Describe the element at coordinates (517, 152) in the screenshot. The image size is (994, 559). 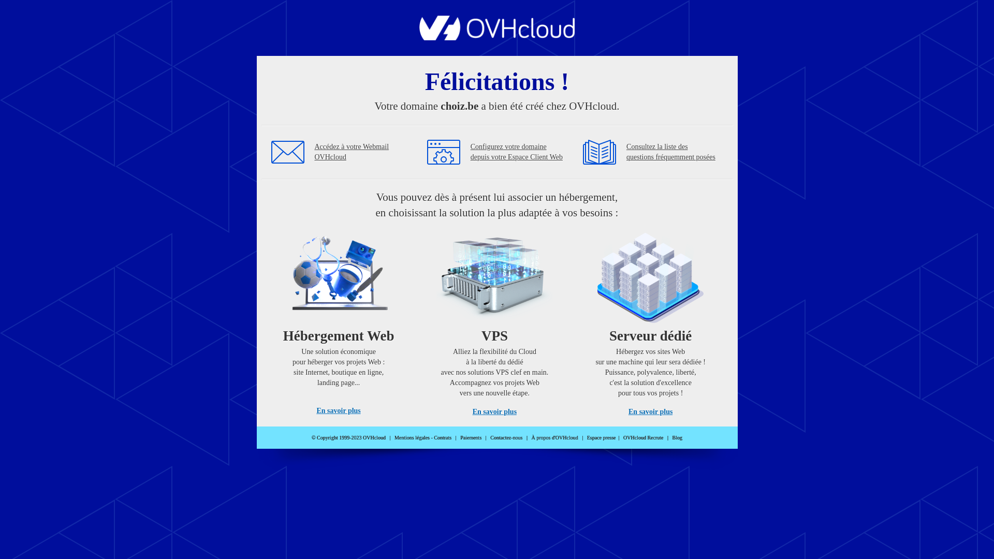
I see `'Configurez votre domaine` at that location.